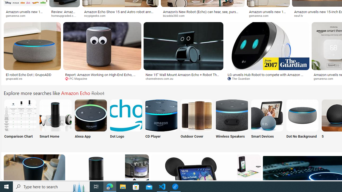 The width and height of the screenshot is (342, 192). Describe the element at coordinates (232, 122) in the screenshot. I see `'Amazon Echo Wireless Speakers Wireless Speakers'` at that location.